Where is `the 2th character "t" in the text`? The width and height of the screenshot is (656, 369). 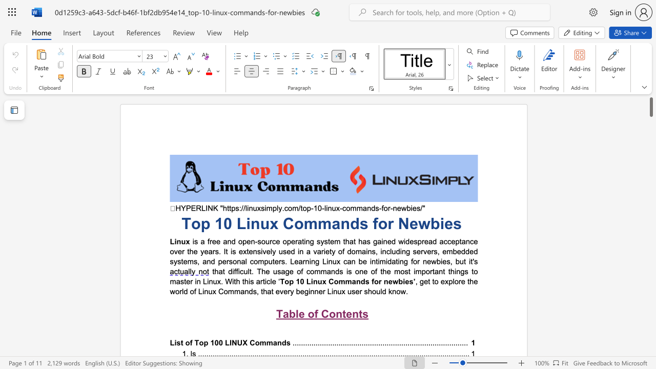 the 2th character "t" in the text is located at coordinates (223, 271).